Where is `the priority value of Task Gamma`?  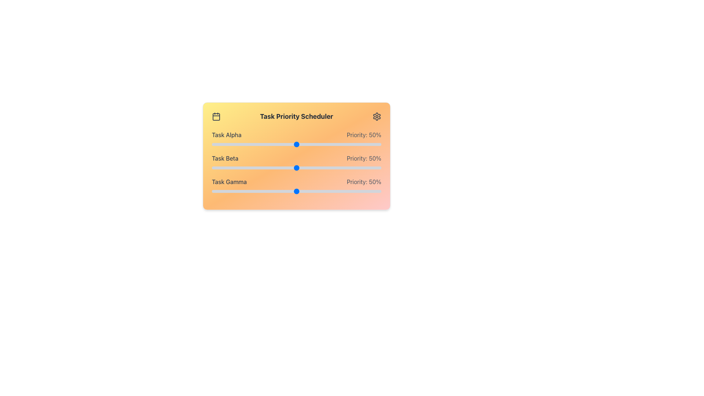 the priority value of Task Gamma is located at coordinates (335, 181).